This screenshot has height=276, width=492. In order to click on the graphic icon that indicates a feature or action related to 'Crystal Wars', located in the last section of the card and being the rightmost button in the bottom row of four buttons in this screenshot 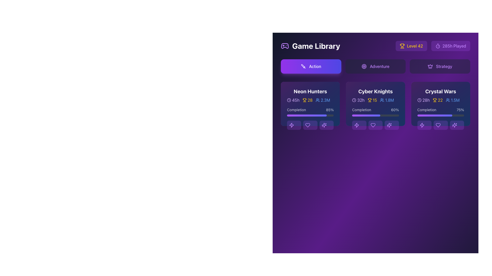, I will do `click(454, 125)`.